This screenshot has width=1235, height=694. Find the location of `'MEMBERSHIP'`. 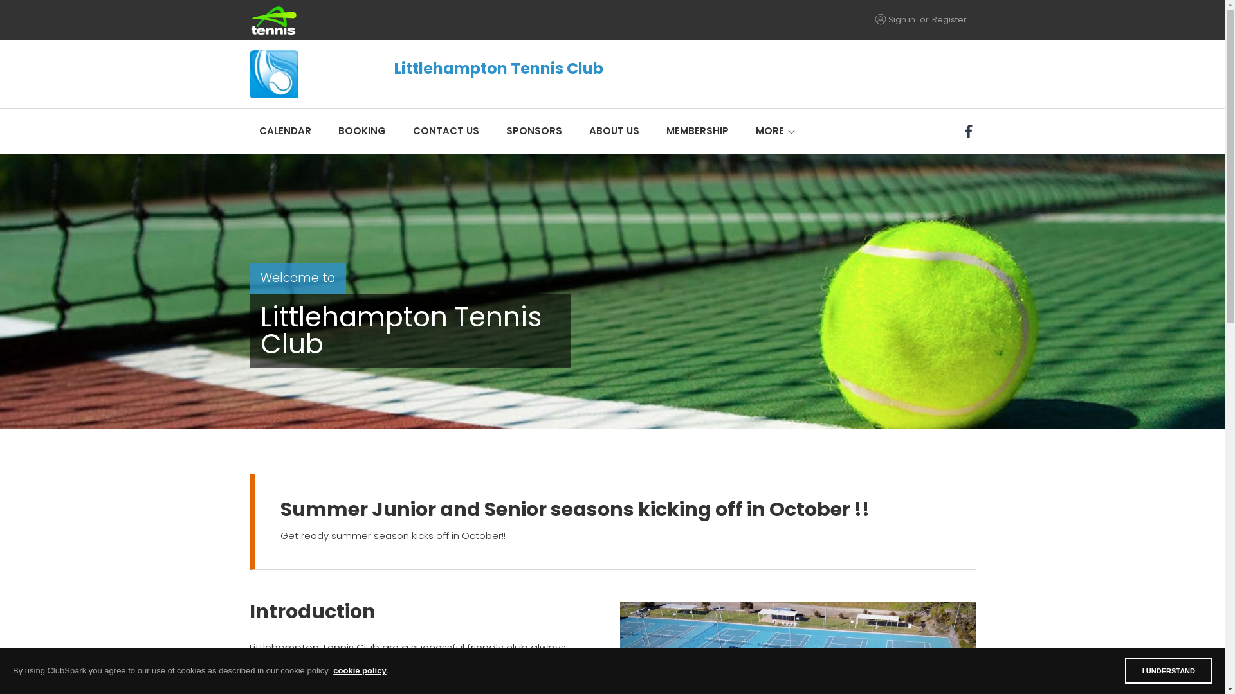

'MEMBERSHIP' is located at coordinates (696, 131).